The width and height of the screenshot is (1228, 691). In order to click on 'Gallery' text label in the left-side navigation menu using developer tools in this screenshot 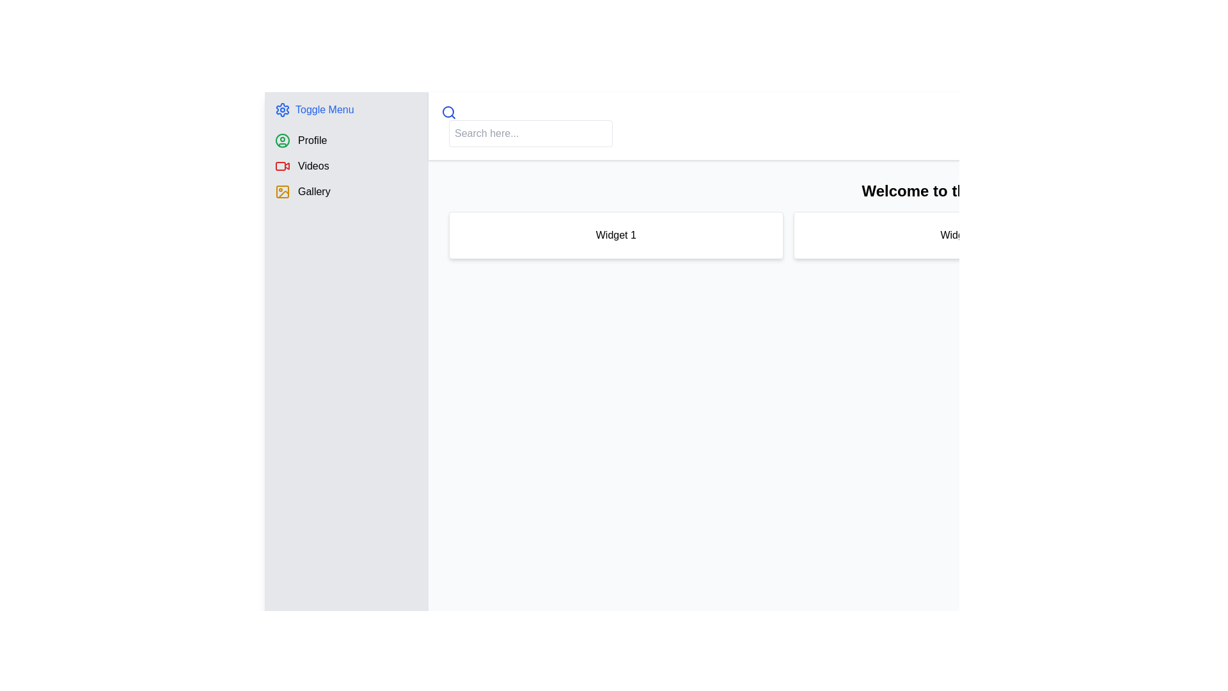, I will do `click(314, 192)`.